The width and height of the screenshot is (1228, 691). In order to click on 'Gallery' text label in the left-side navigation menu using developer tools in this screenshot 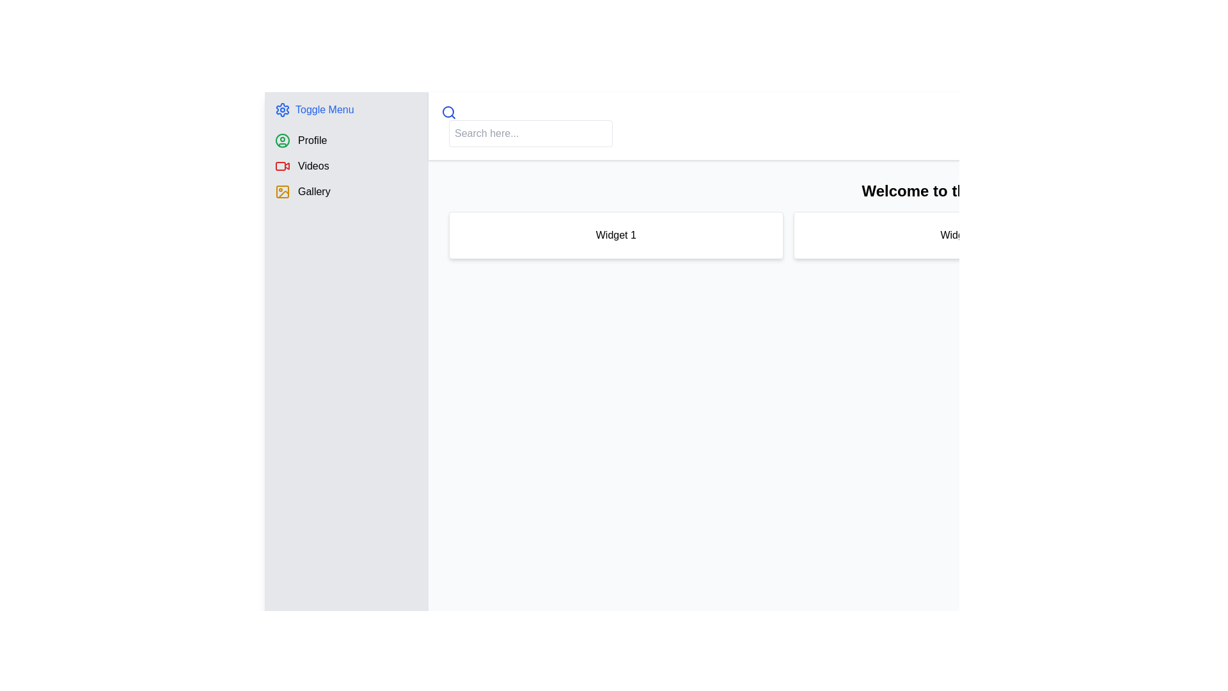, I will do `click(314, 192)`.